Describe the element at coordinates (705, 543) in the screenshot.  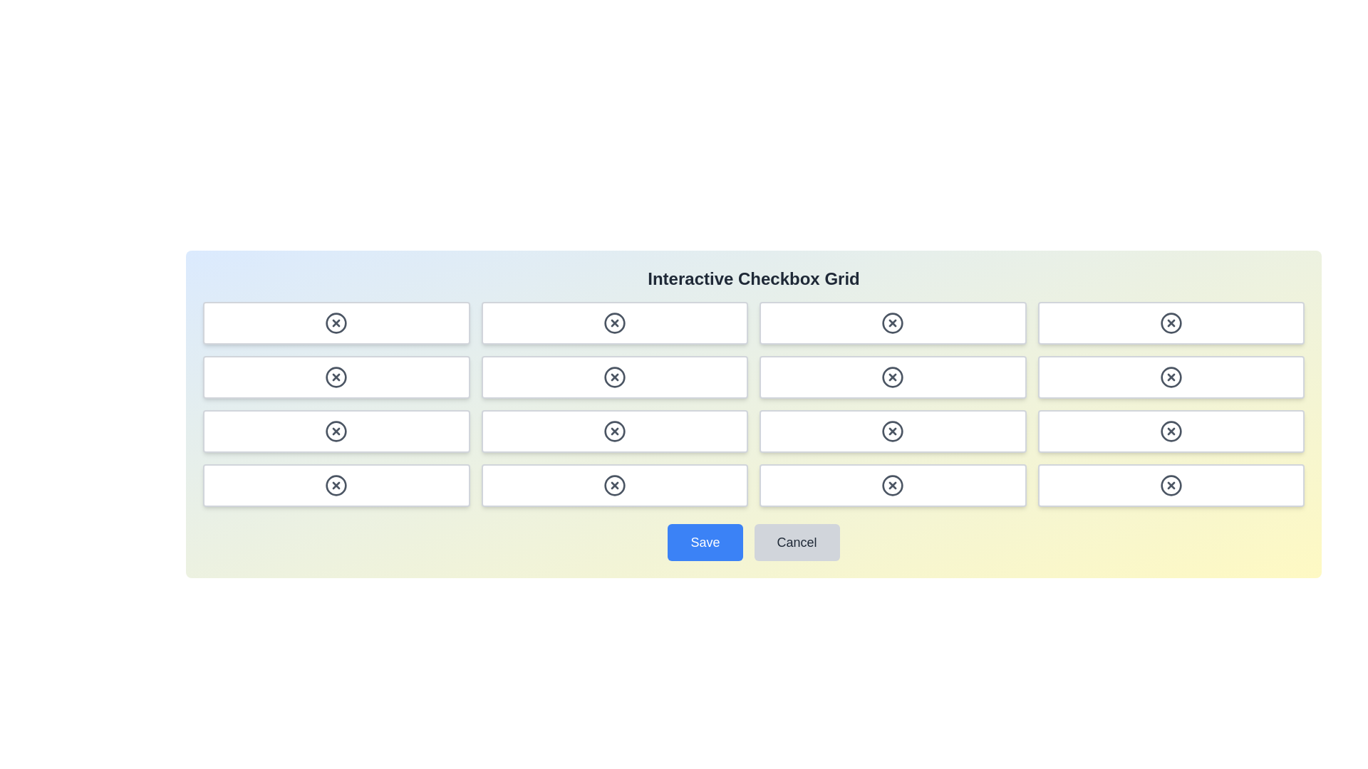
I see `the 'Save' button to save the current state of the grid` at that location.